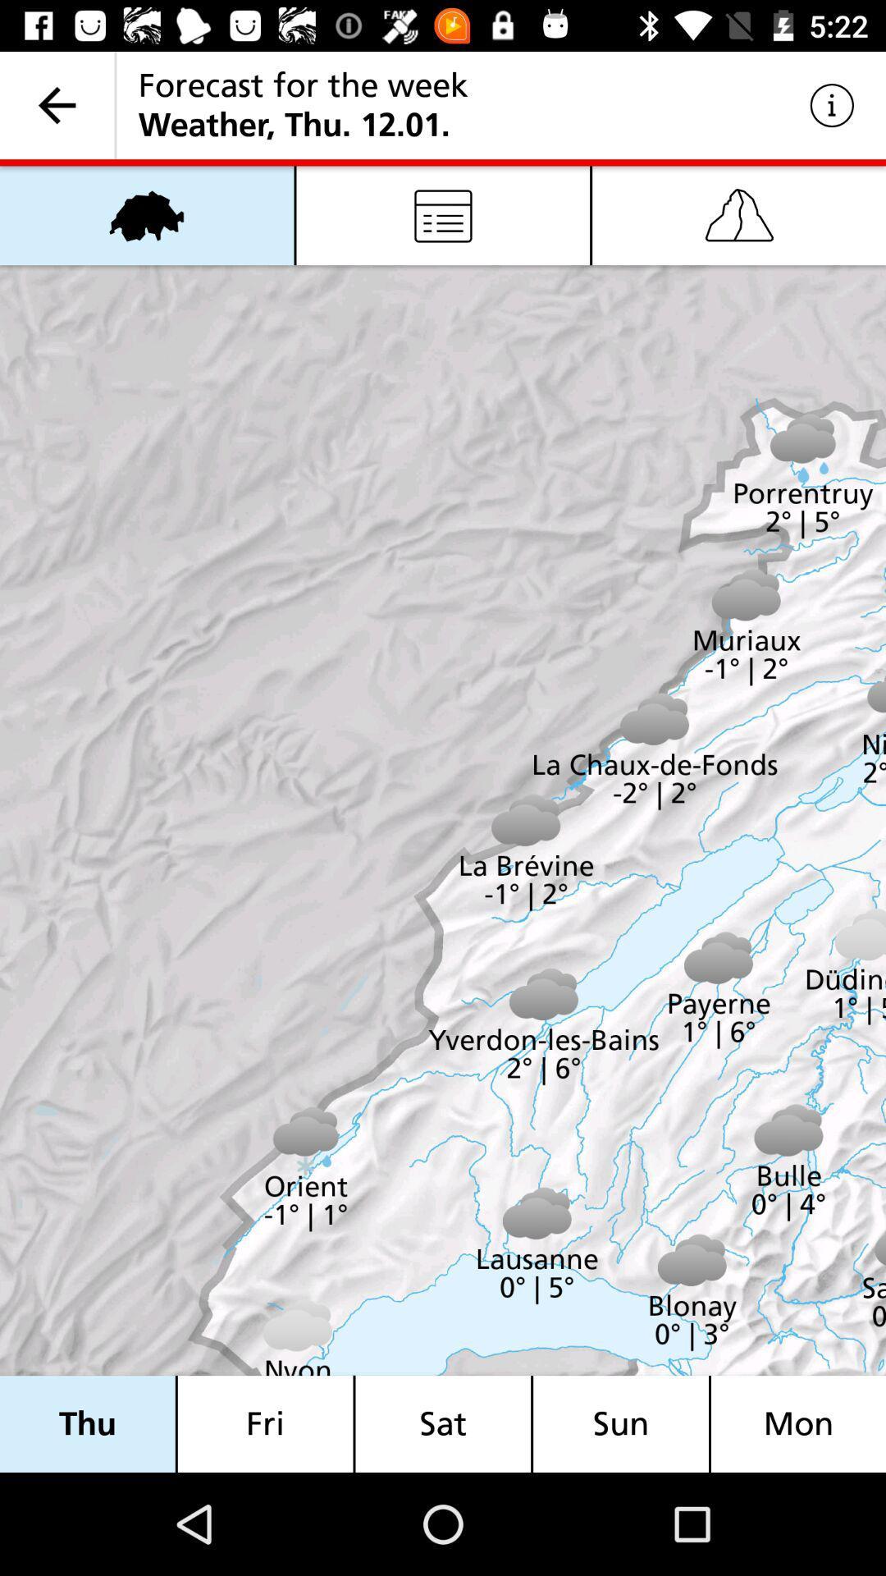  Describe the element at coordinates (443, 215) in the screenshot. I see `the notes icon` at that location.